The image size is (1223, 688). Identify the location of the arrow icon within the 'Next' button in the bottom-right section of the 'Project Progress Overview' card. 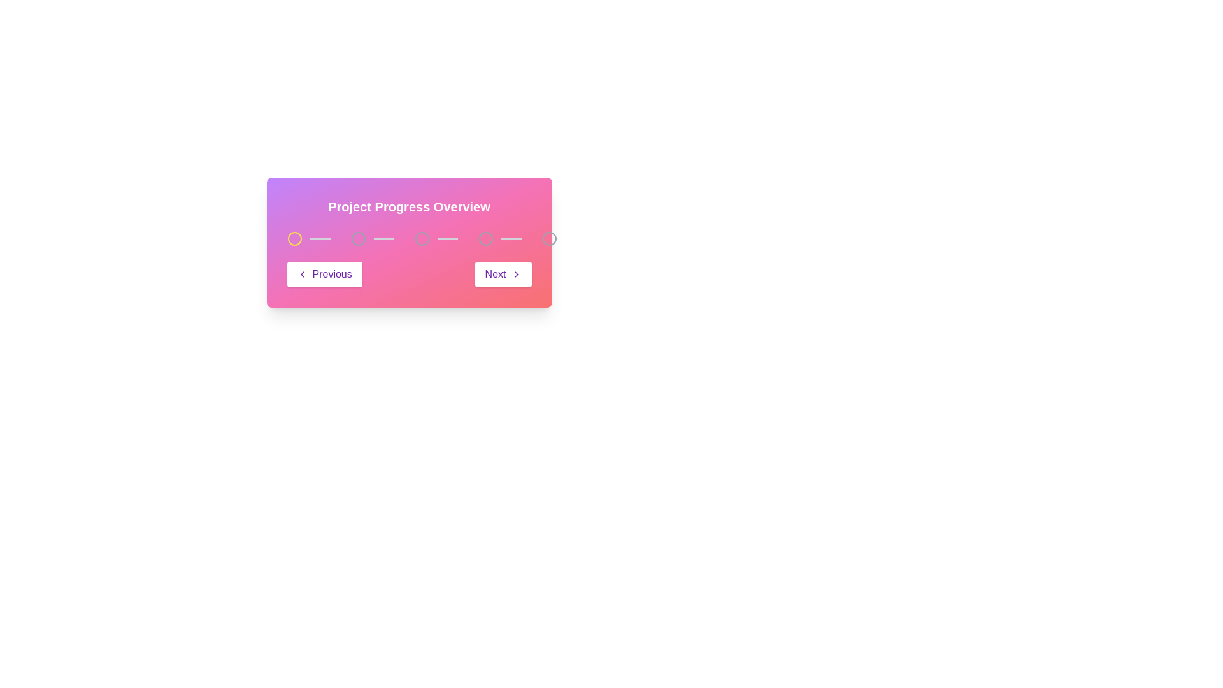
(516, 274).